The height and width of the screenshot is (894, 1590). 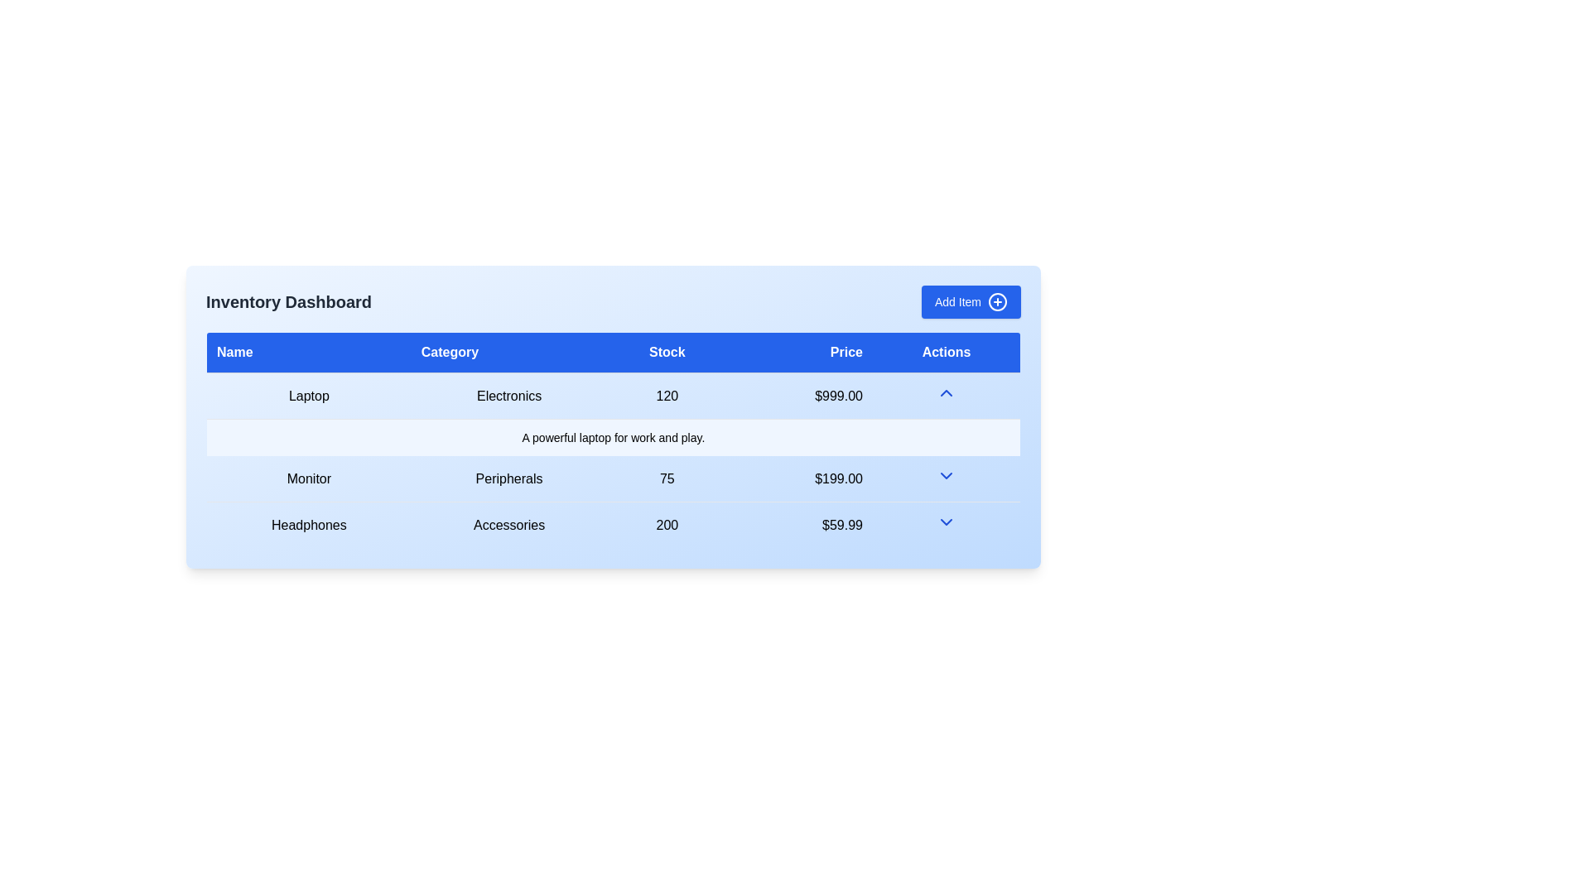 What do you see at coordinates (612, 524) in the screenshot?
I see `to select the third row in the table which provides details about the product 'Headphones'` at bounding box center [612, 524].